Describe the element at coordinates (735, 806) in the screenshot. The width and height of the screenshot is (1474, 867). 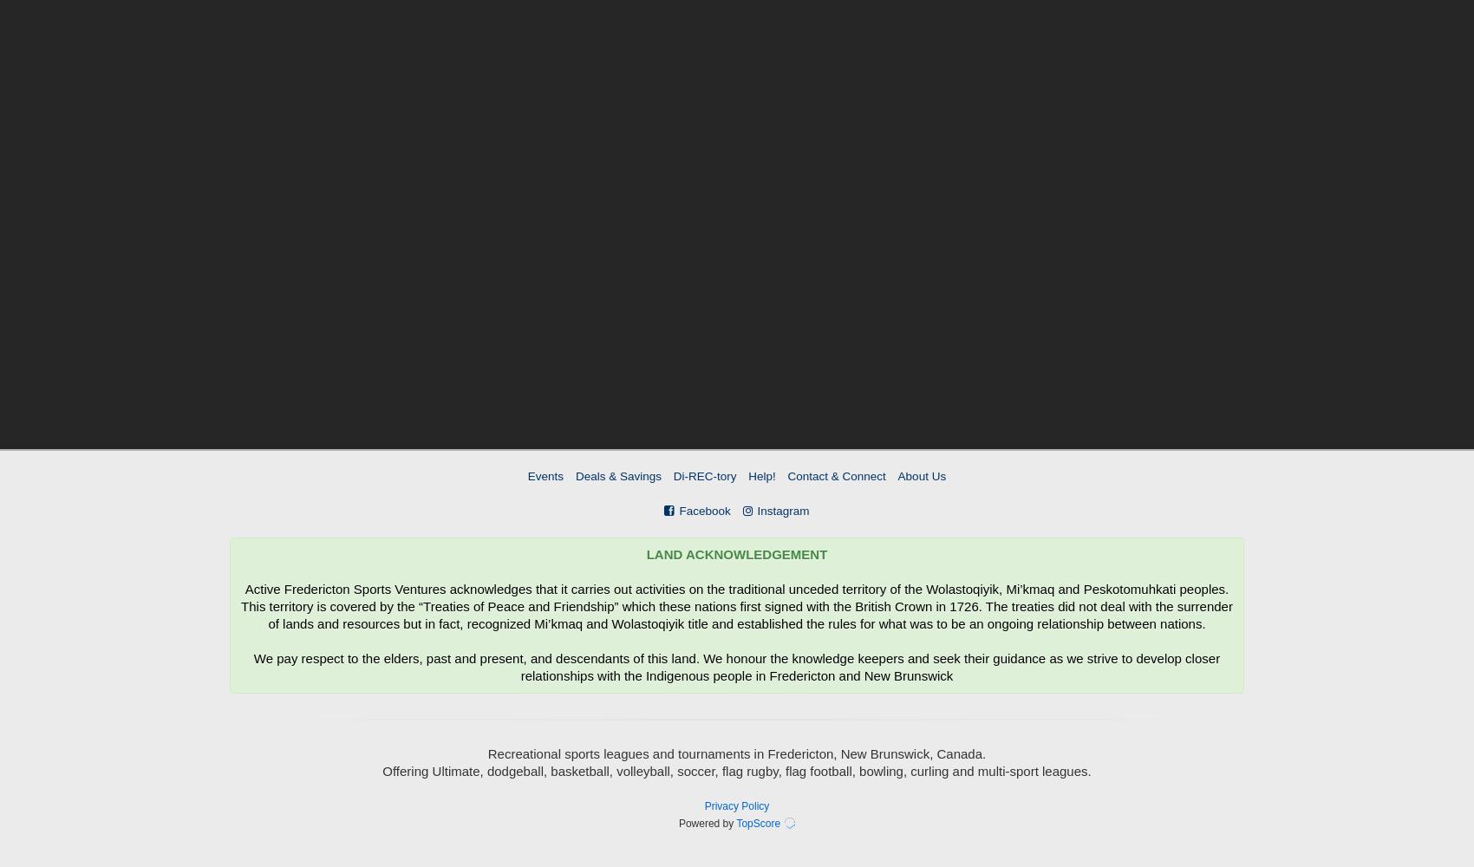
I see `'Privacy Policy'` at that location.